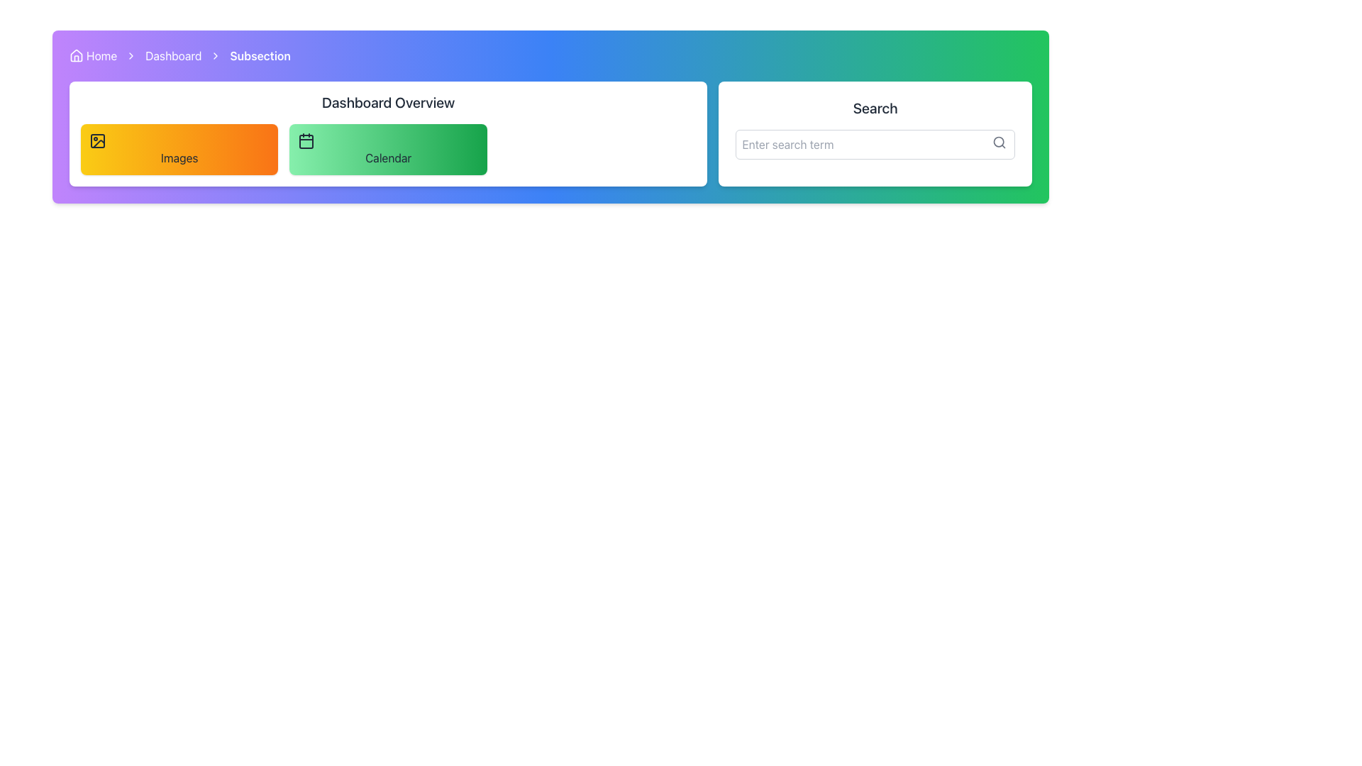 This screenshot has width=1362, height=766. Describe the element at coordinates (215, 55) in the screenshot. I see `the third chevron icon in the breadcrumb navigation bar, located between 'Dashboard' and 'Subsection'` at that location.